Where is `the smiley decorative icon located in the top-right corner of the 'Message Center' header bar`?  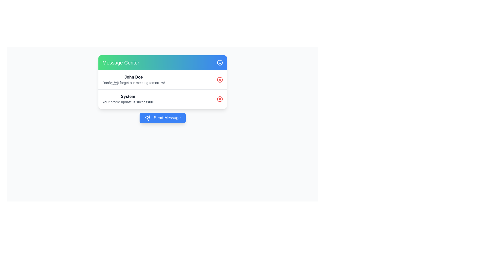 the smiley decorative icon located in the top-right corner of the 'Message Center' header bar is located at coordinates (220, 62).